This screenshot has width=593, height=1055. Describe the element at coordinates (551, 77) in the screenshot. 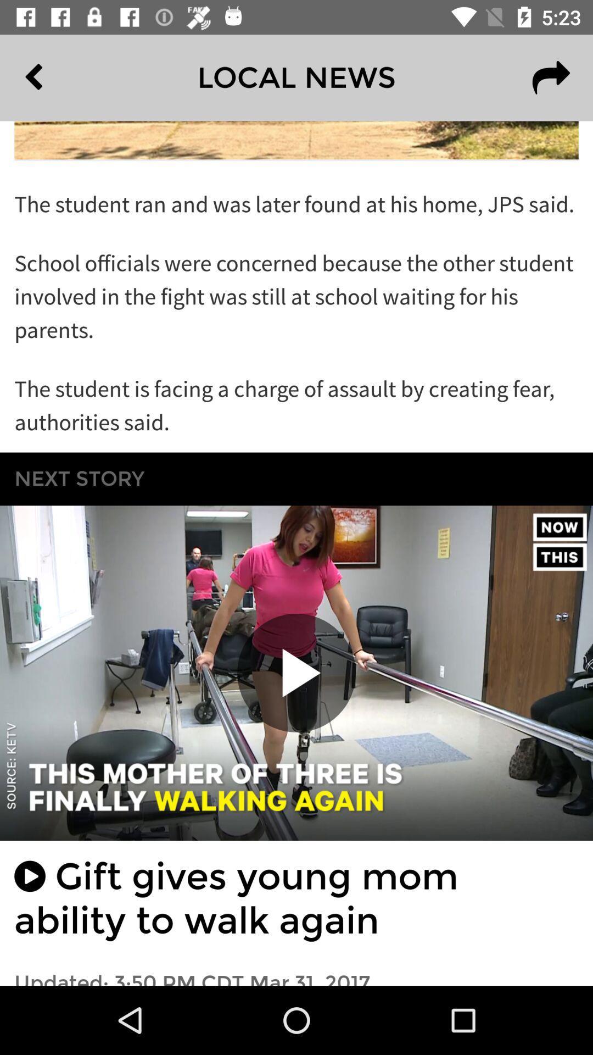

I see `the redo icon` at that location.